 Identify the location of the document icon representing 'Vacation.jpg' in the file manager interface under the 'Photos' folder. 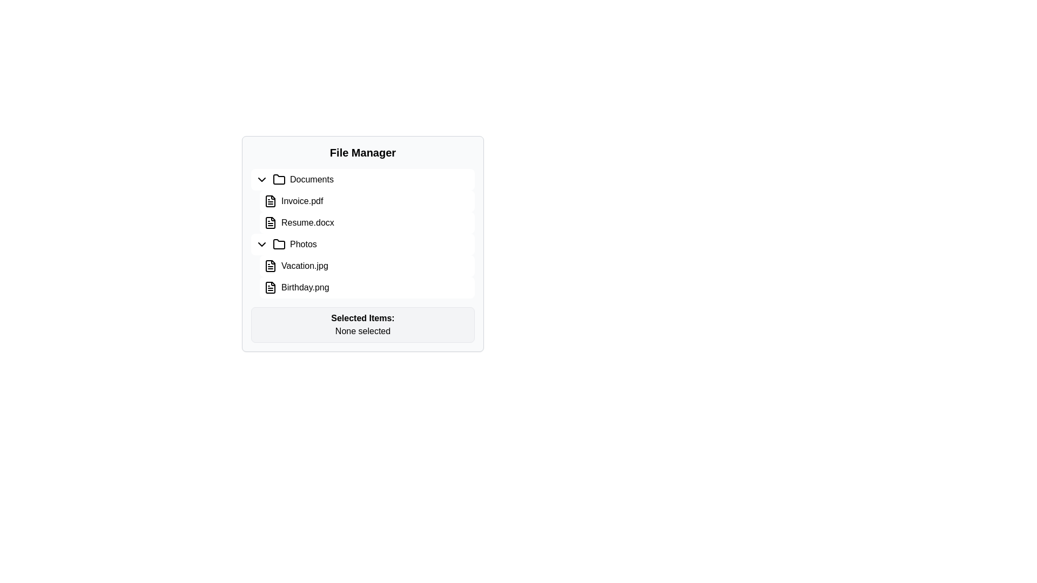
(270, 266).